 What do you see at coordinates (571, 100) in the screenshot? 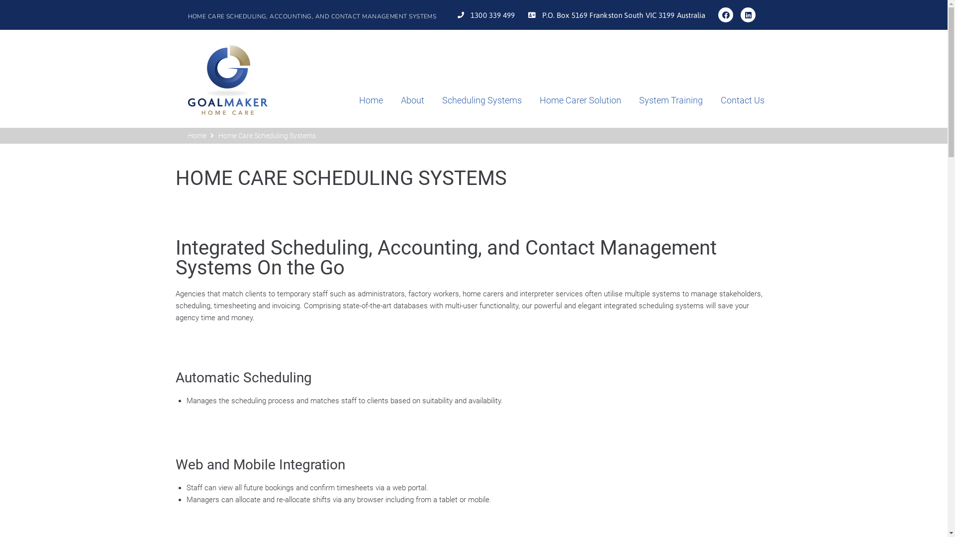
I see `'Home Carer Solution'` at bounding box center [571, 100].